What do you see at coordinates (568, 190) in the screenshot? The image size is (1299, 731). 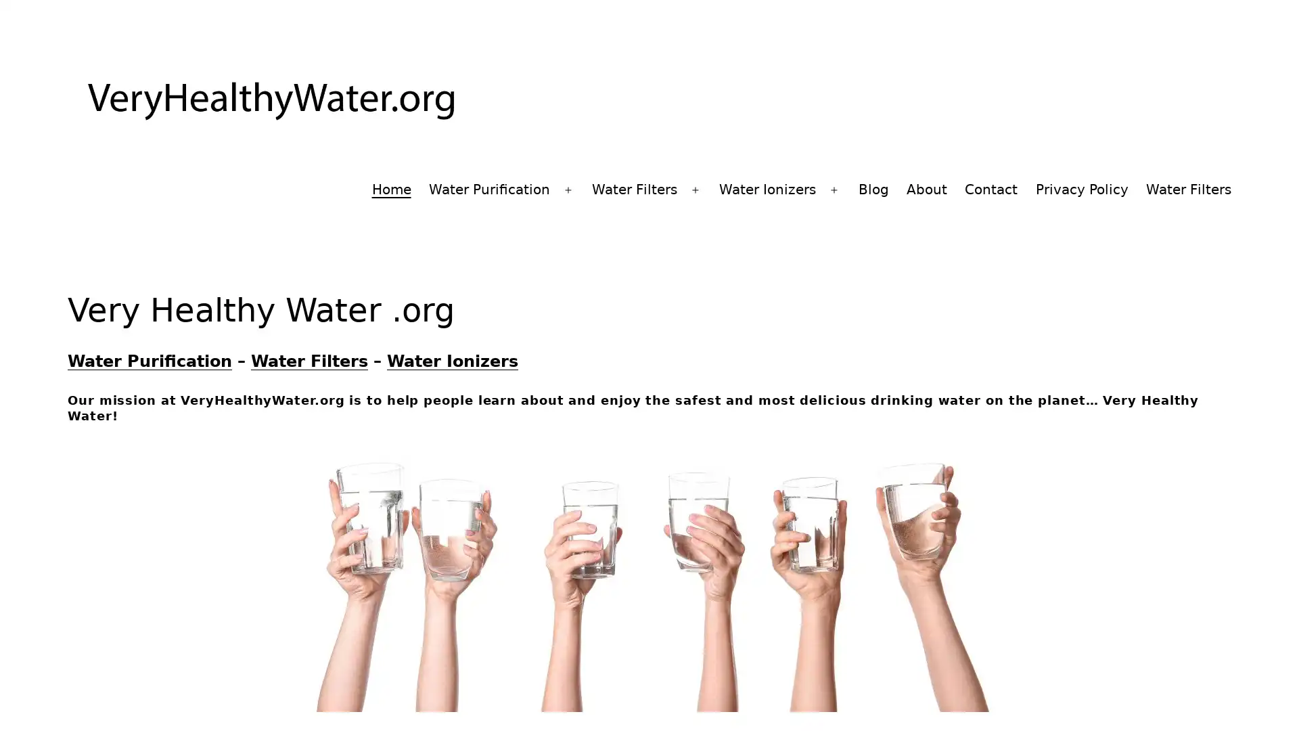 I see `Open menu` at bounding box center [568, 190].